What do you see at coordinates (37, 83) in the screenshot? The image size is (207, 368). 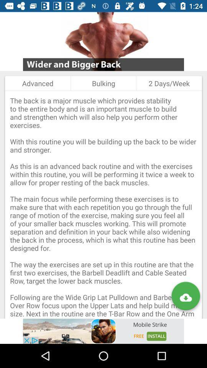 I see `the advanced` at bounding box center [37, 83].